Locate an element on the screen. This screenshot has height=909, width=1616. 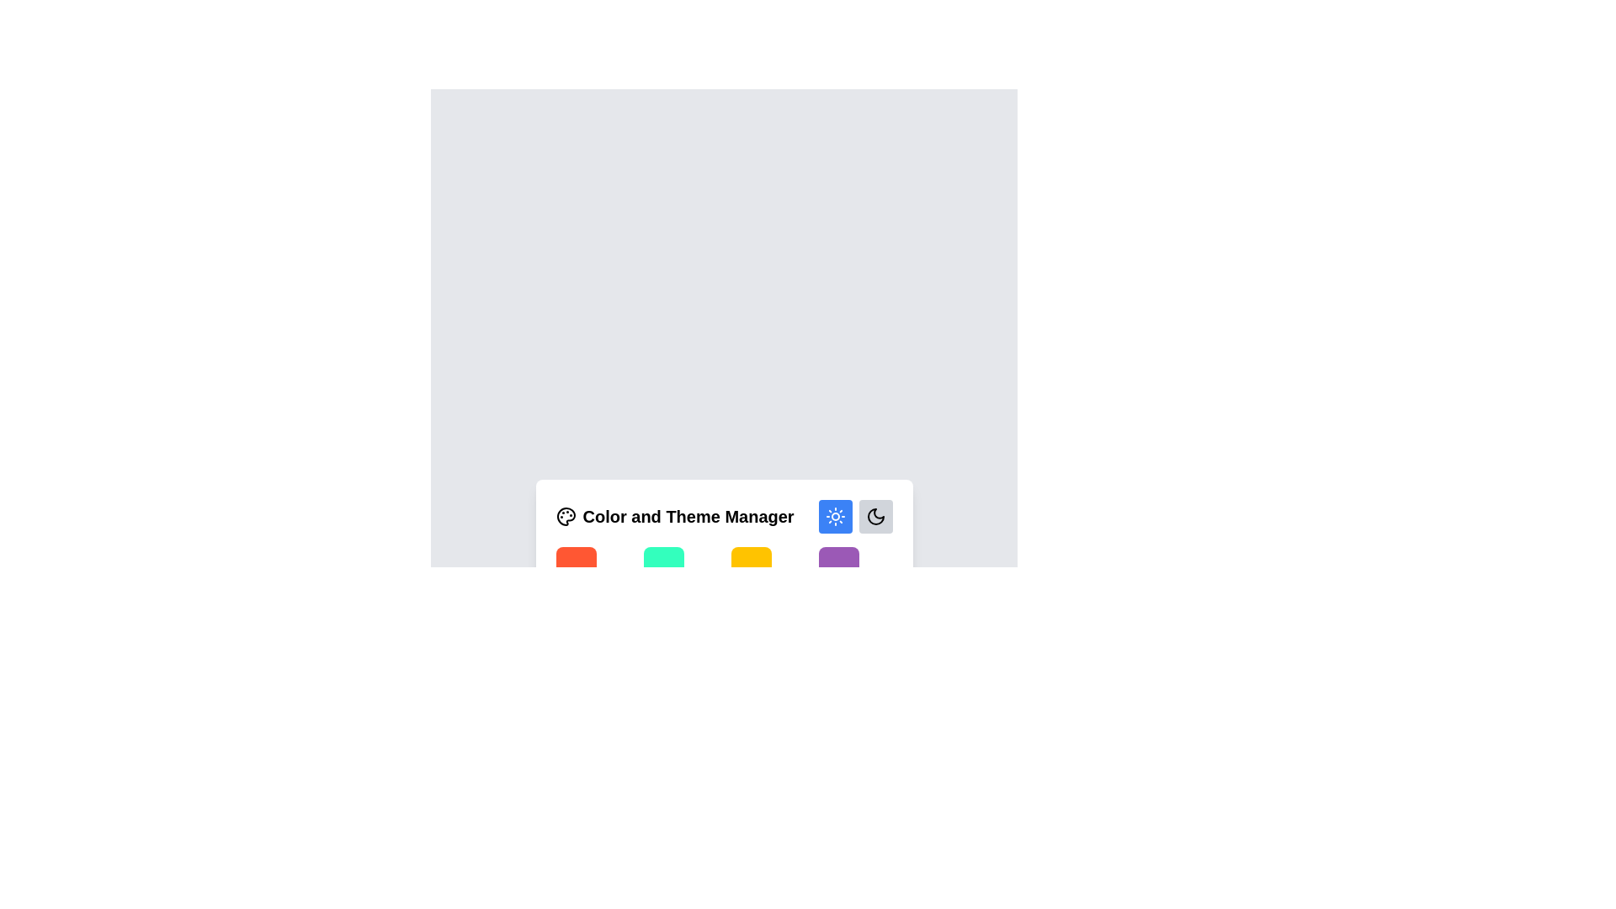
the third icon from the left in the Color and Theme Manager group, which serves as a toggle for the night or dark mode theme is located at coordinates (875, 515).